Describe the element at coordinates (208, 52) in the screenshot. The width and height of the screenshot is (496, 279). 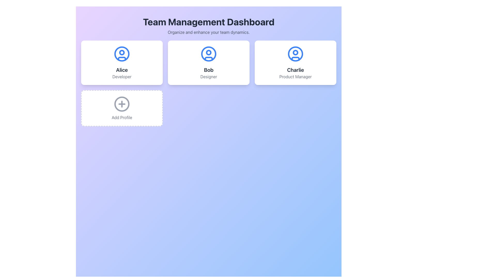
I see `the small filled circular shape located at the top of the user profile icon labeled 'Bob - Designer'` at that location.